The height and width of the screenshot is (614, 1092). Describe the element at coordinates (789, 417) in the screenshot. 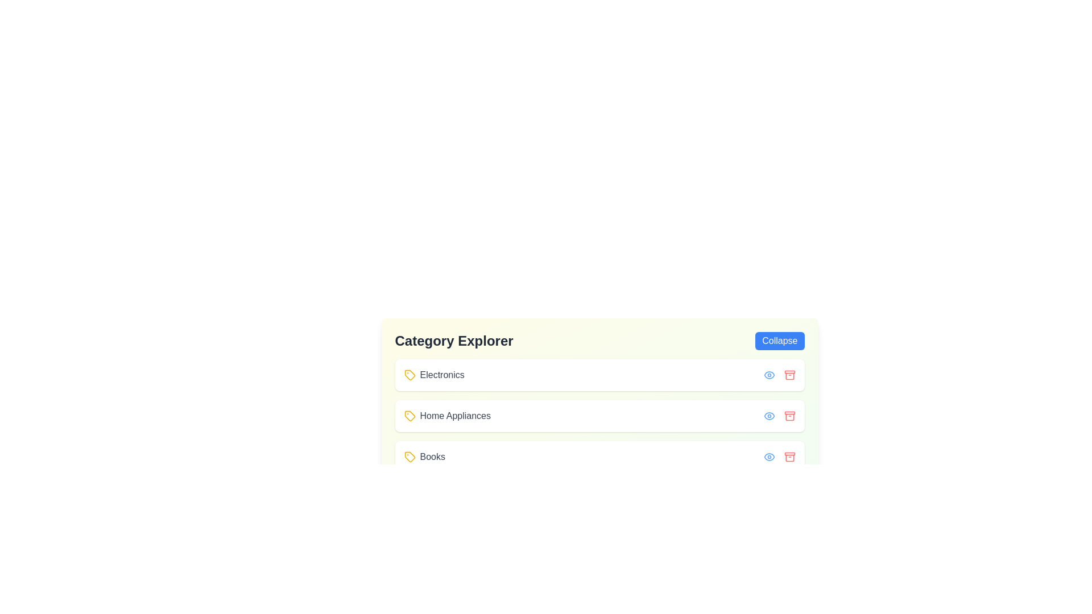

I see `the delete icon for the 'Home Appliances' category` at that location.